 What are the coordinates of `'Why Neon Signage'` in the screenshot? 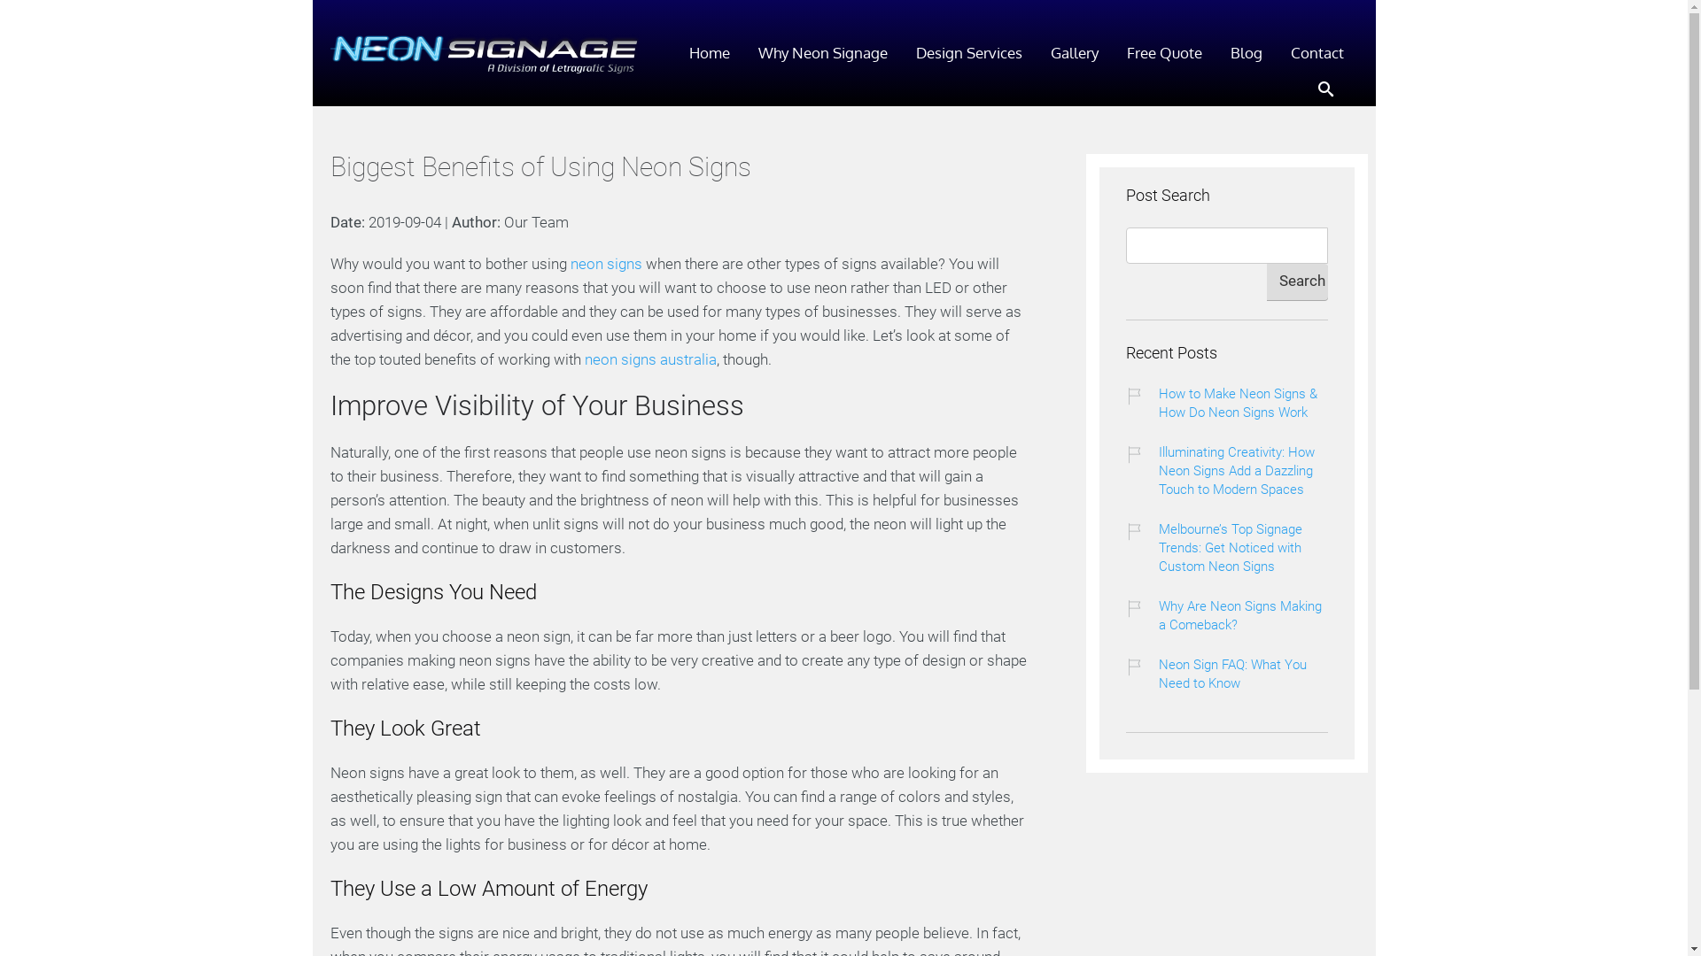 It's located at (822, 52).